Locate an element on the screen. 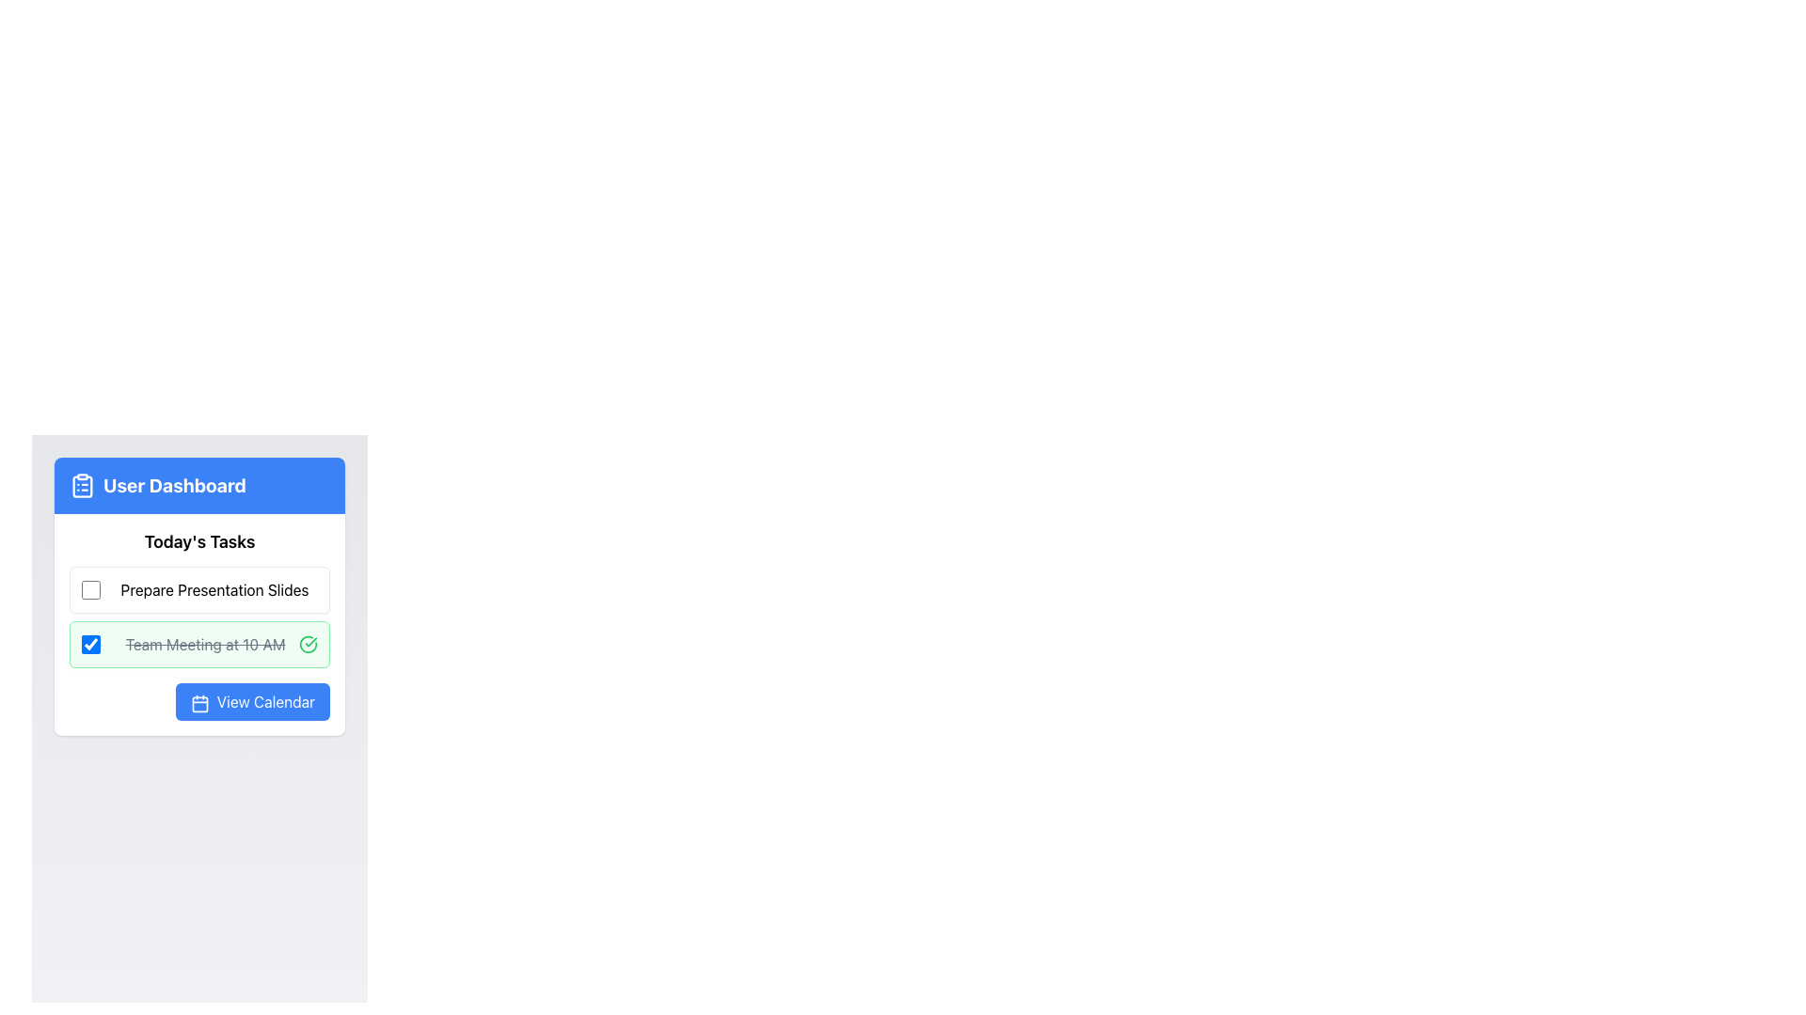 Image resolution: width=1806 pixels, height=1015 pixels. the blue header banner at the top of the card, which features a clipboard icon and the text 'User Dashboard' is located at coordinates (199, 484).